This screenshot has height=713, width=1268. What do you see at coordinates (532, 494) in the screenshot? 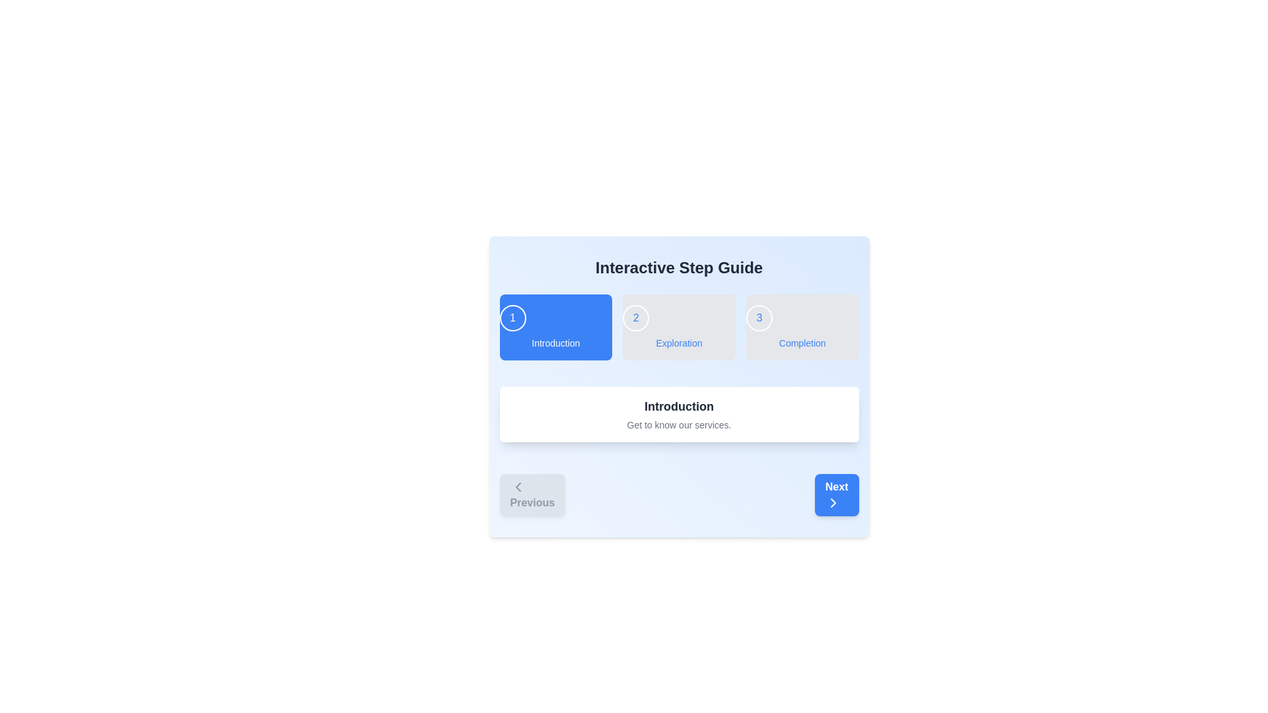
I see `the 'Previous' button located at the bottom left of the panel` at bounding box center [532, 494].